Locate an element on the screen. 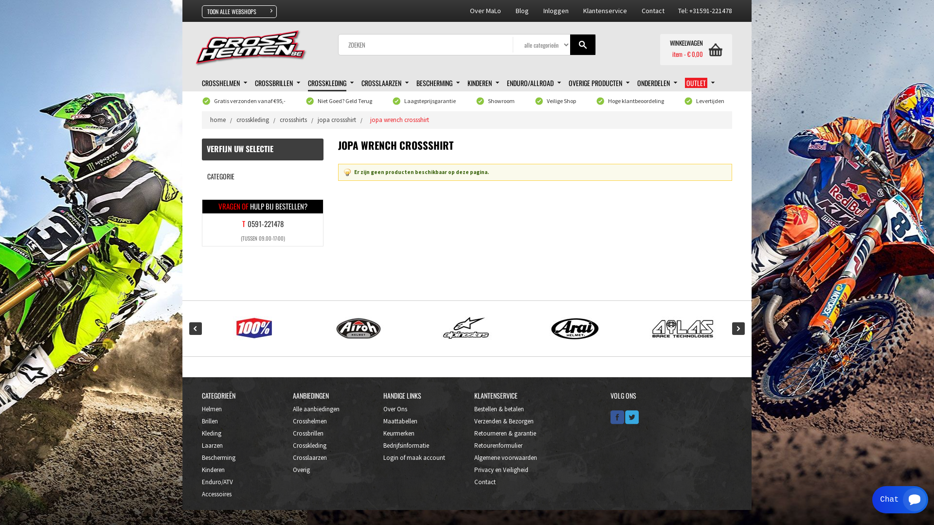 This screenshot has height=525, width=934. 'Algemene voorwaarden' is located at coordinates (474, 457).